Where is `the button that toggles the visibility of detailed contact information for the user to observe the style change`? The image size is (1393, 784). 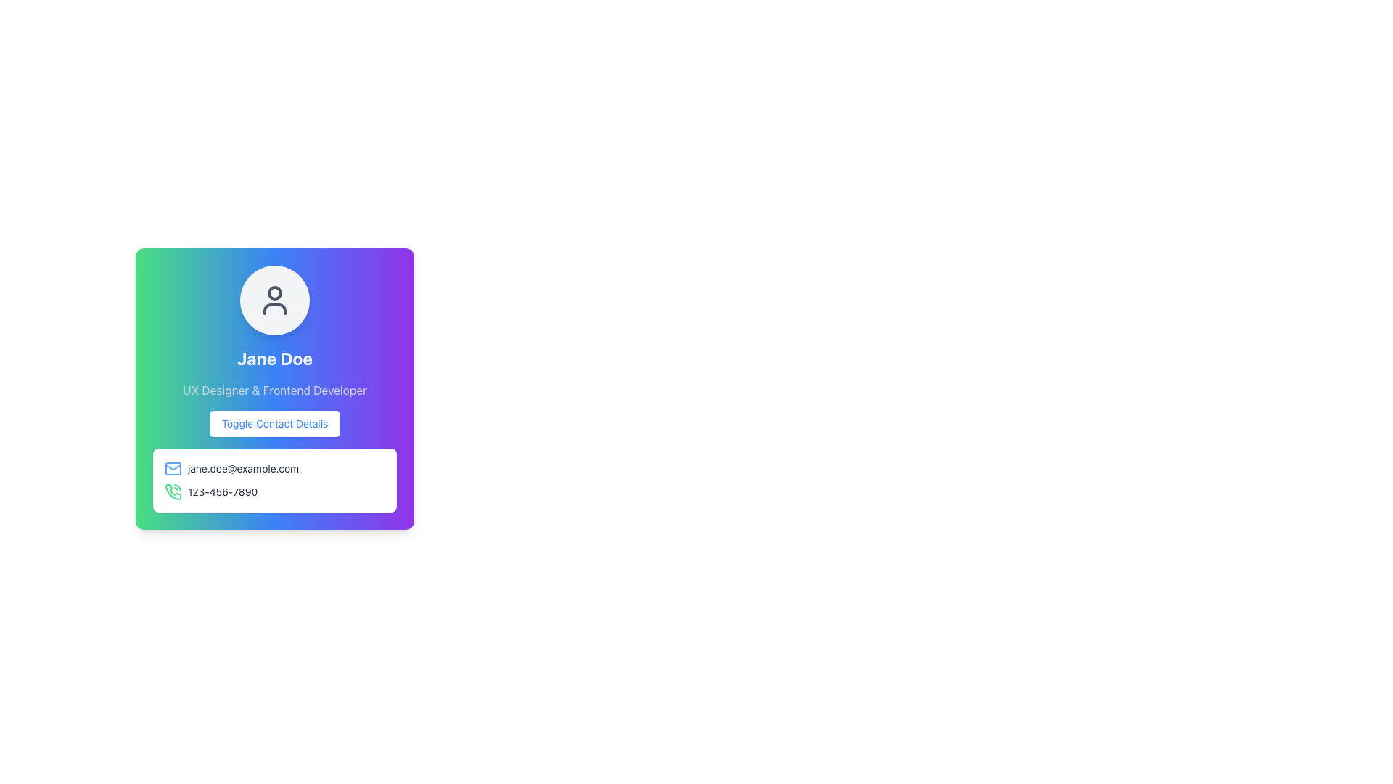
the button that toggles the visibility of detailed contact information for the user to observe the style change is located at coordinates (275, 423).